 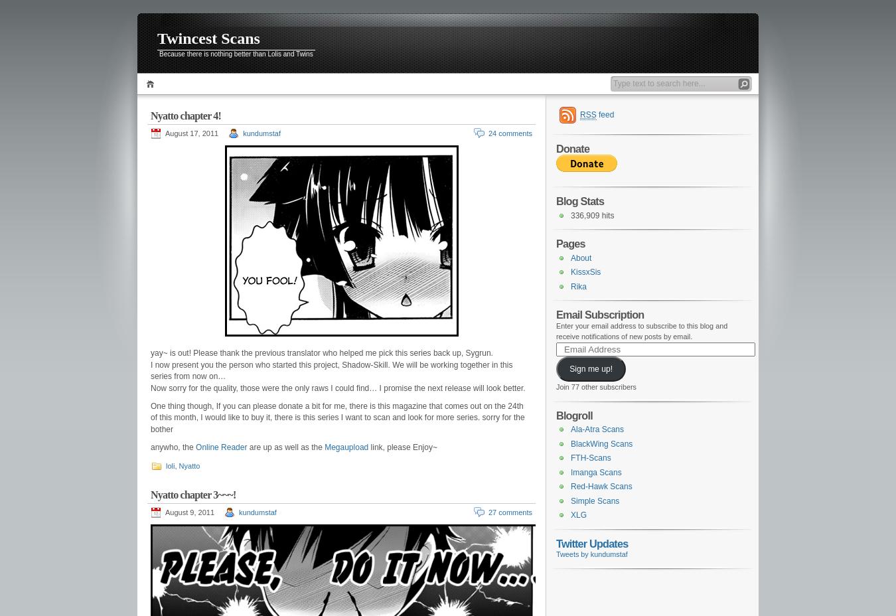 I want to click on 'KissxSis', so click(x=585, y=271).